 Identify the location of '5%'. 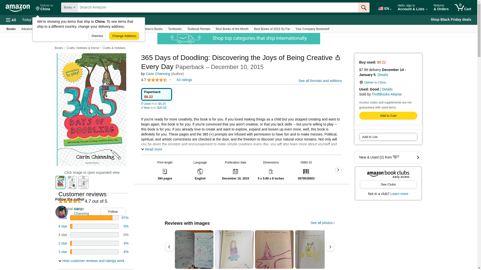
(124, 226).